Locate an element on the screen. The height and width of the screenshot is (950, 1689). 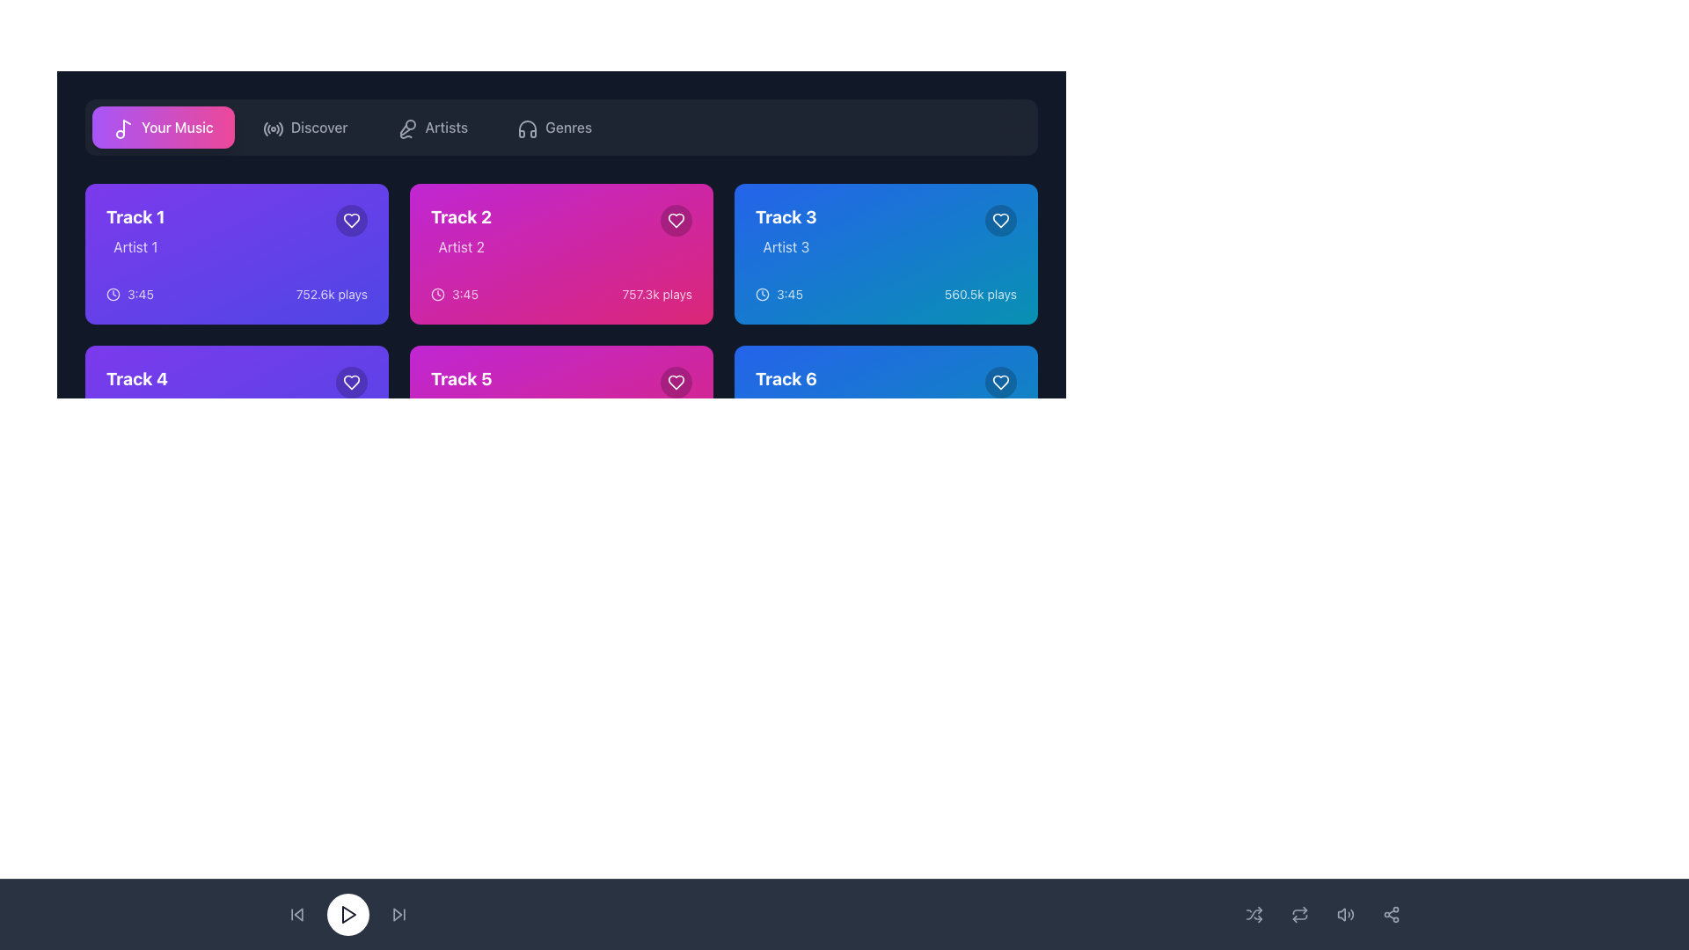
the 'like' button located in the lower-right corner of the 'Track 4' card to focus on it for interaction is located at coordinates (351, 382).